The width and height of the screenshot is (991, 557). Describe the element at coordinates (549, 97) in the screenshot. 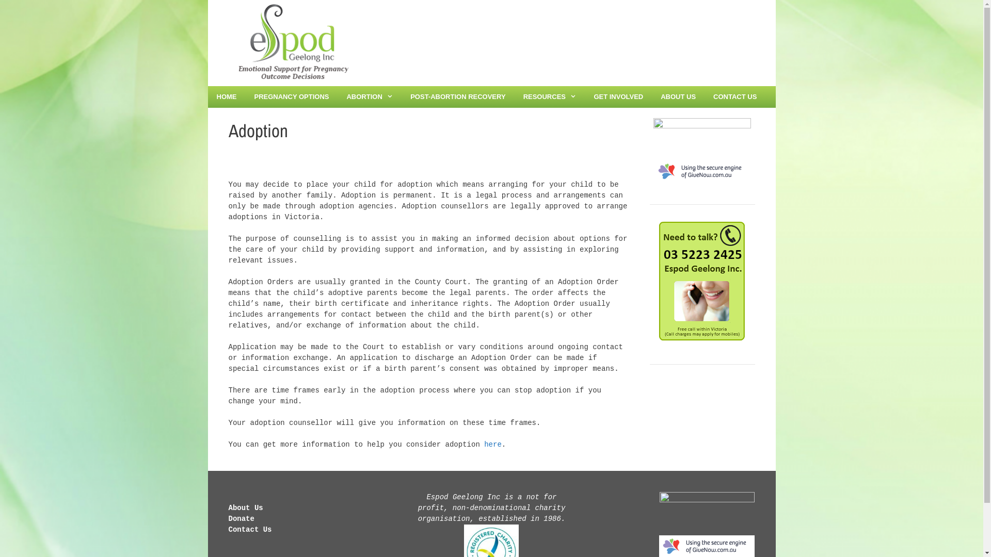

I see `'RESOURCES'` at that location.